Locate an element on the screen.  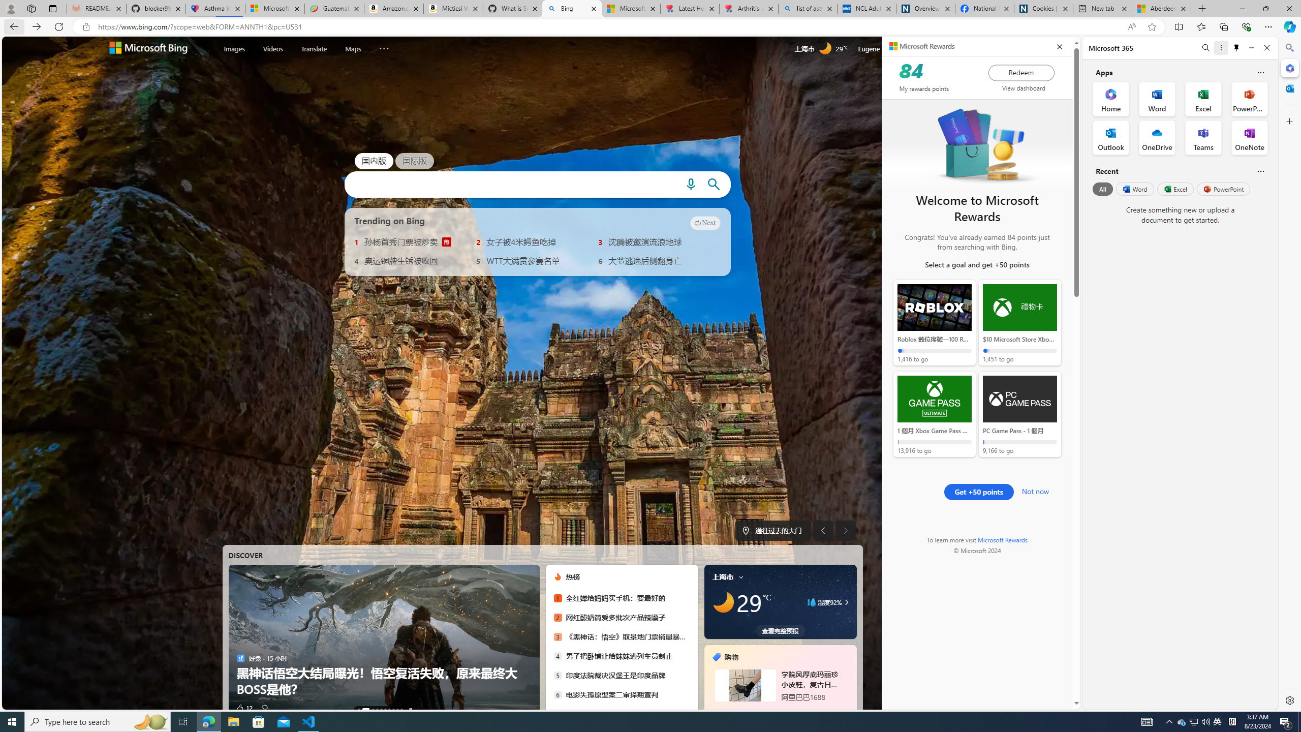
'Aberdeen, Hong Kong SAR hourly forecast | Microsoft Weather' is located at coordinates (1162, 8).